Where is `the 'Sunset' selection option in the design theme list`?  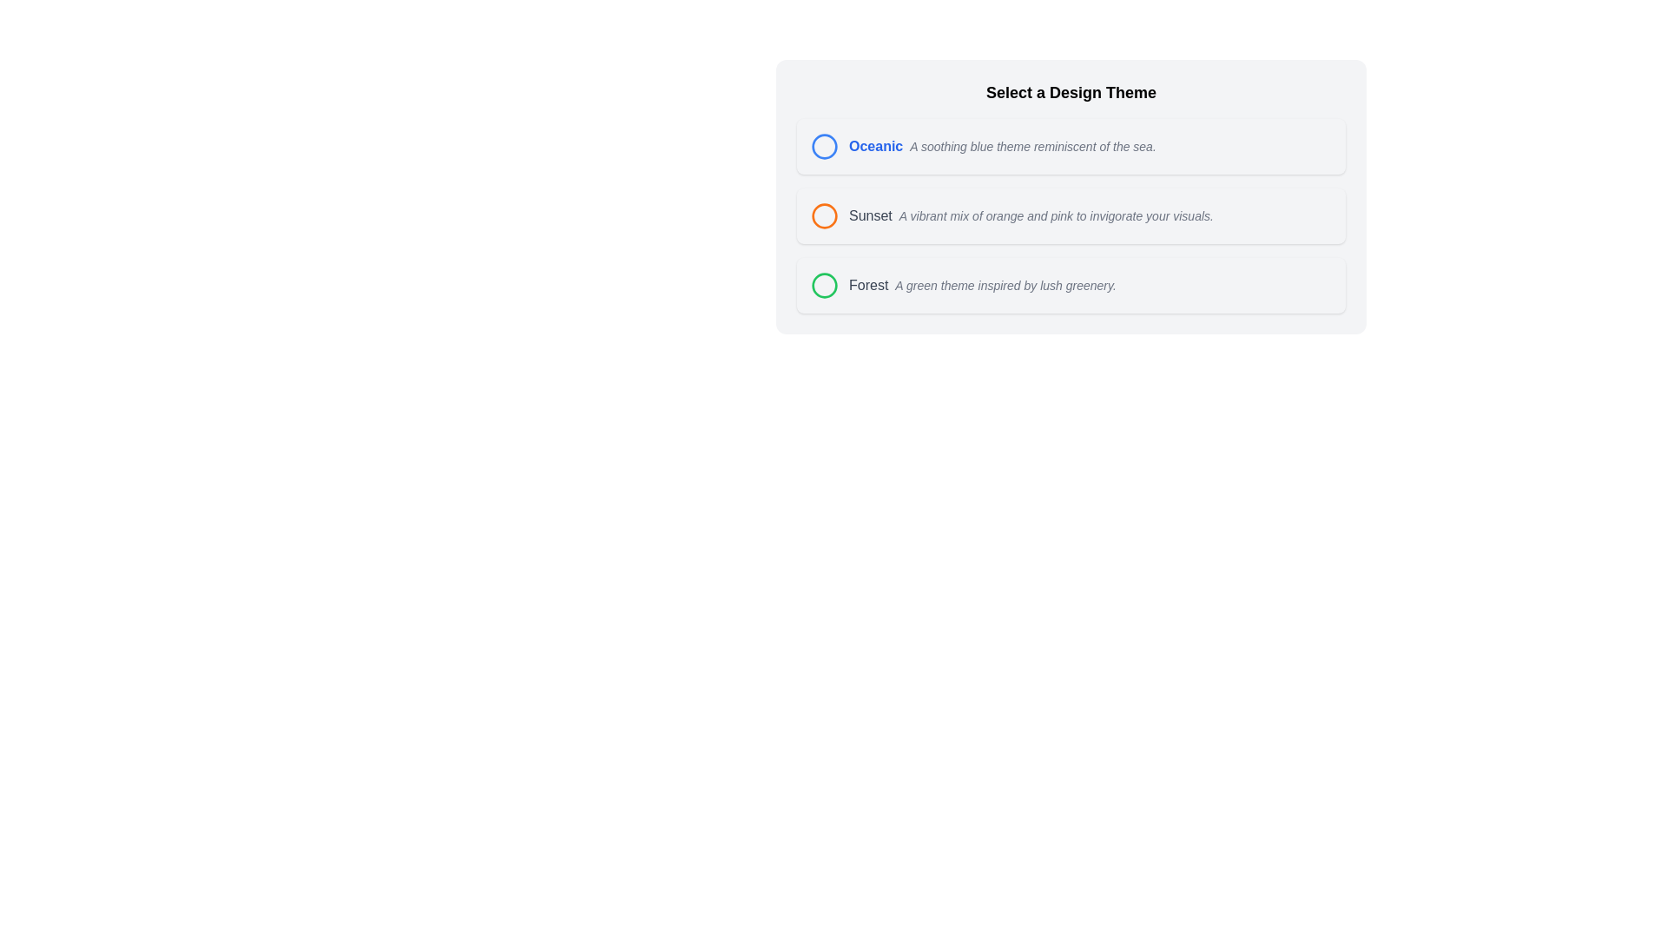
the 'Sunset' selection option in the design theme list is located at coordinates (1012, 215).